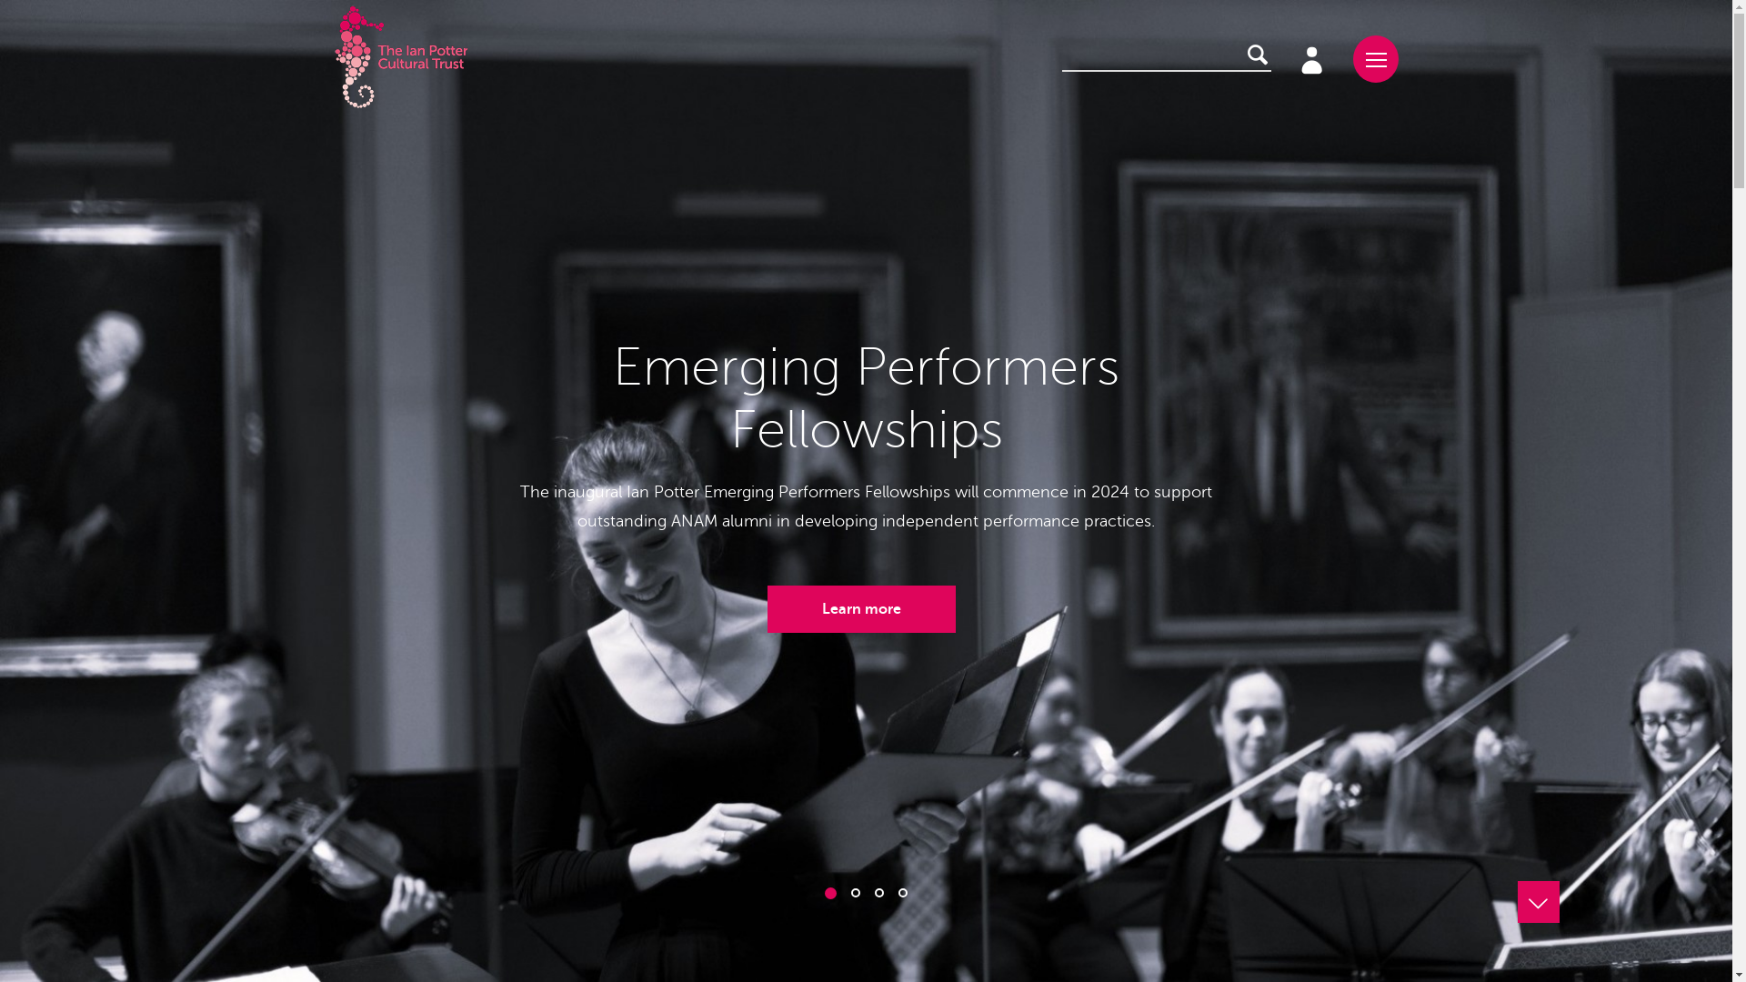 The width and height of the screenshot is (1746, 982). Describe the element at coordinates (860, 609) in the screenshot. I see `'Learn more'` at that location.